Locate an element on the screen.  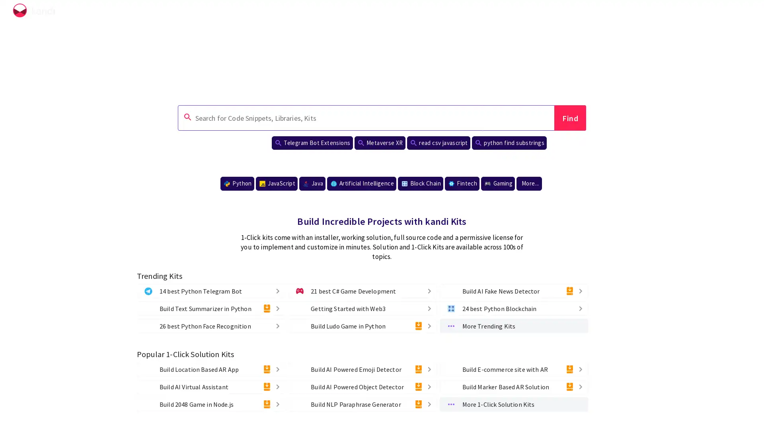
More Trending Kits is located at coordinates (513, 326).